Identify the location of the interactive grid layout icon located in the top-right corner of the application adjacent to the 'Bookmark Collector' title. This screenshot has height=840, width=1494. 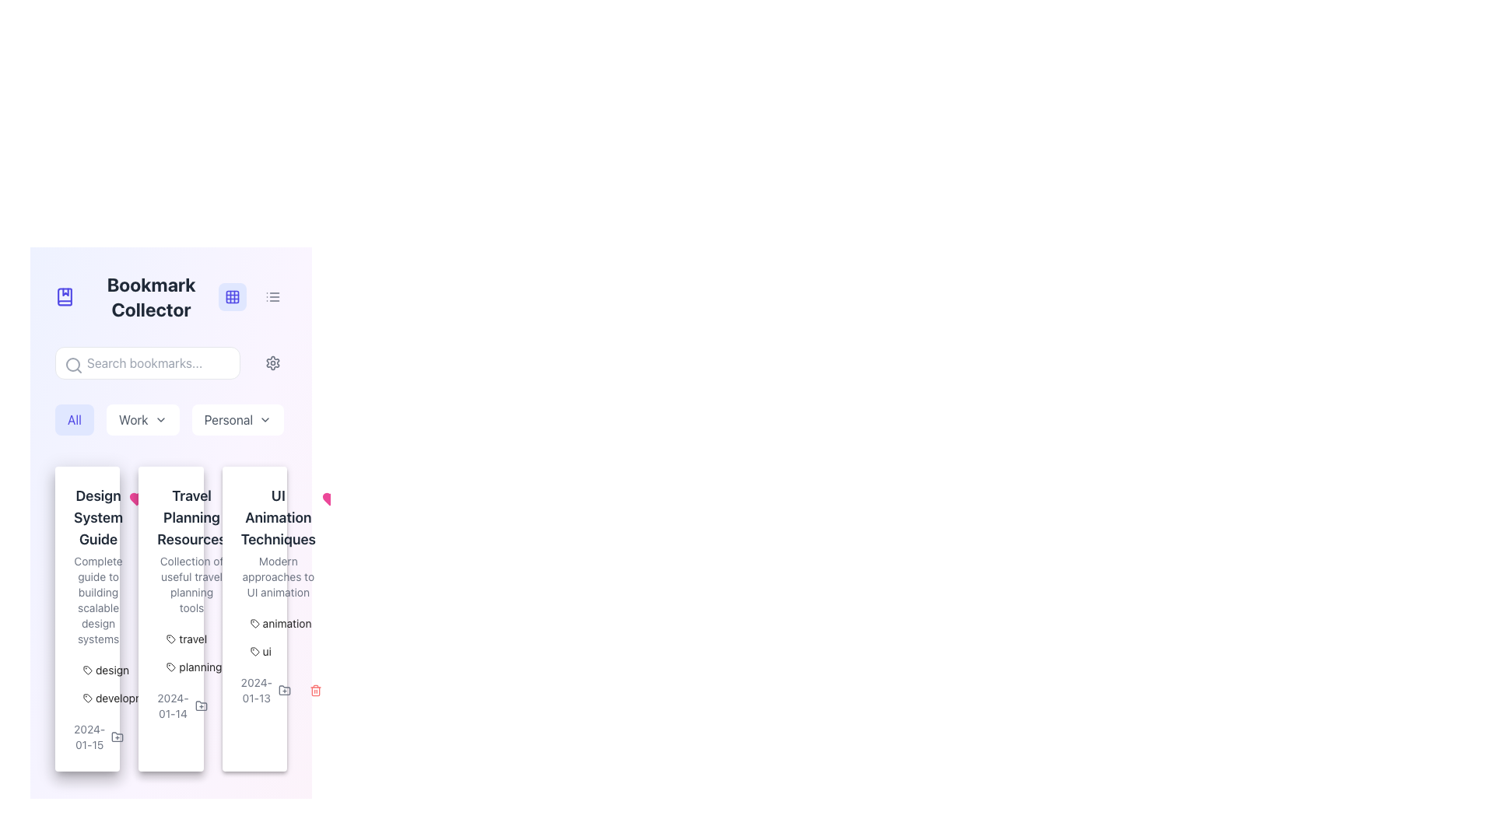
(231, 296).